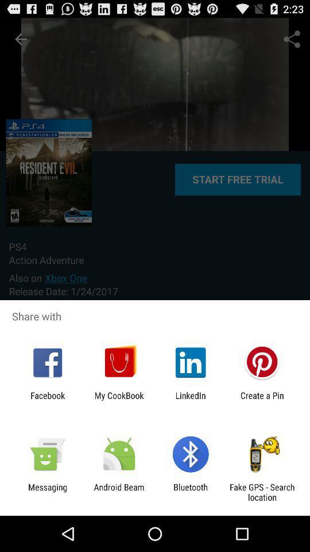 The height and width of the screenshot is (552, 310). Describe the element at coordinates (262, 492) in the screenshot. I see `icon next to the bluetooth item` at that location.